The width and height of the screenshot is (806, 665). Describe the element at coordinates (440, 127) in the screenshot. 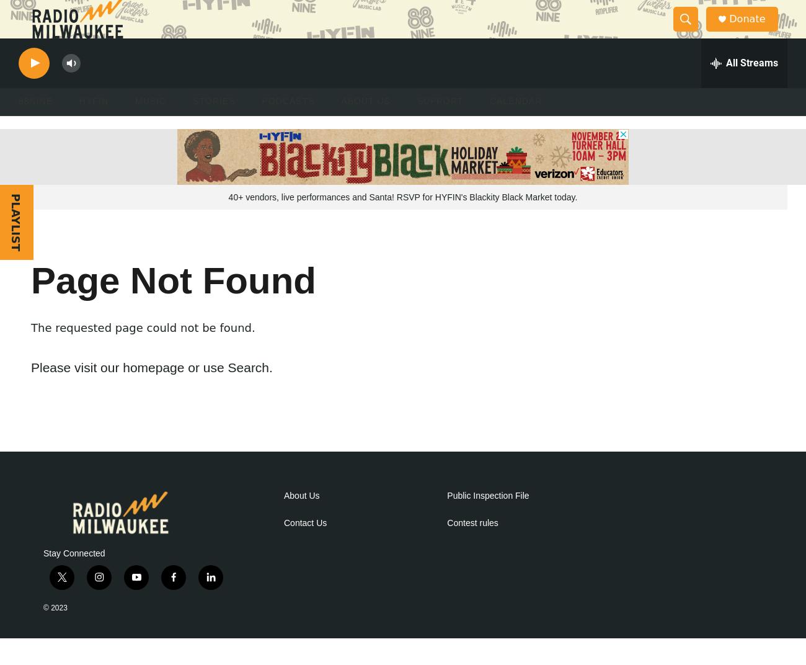

I see `'Support'` at that location.